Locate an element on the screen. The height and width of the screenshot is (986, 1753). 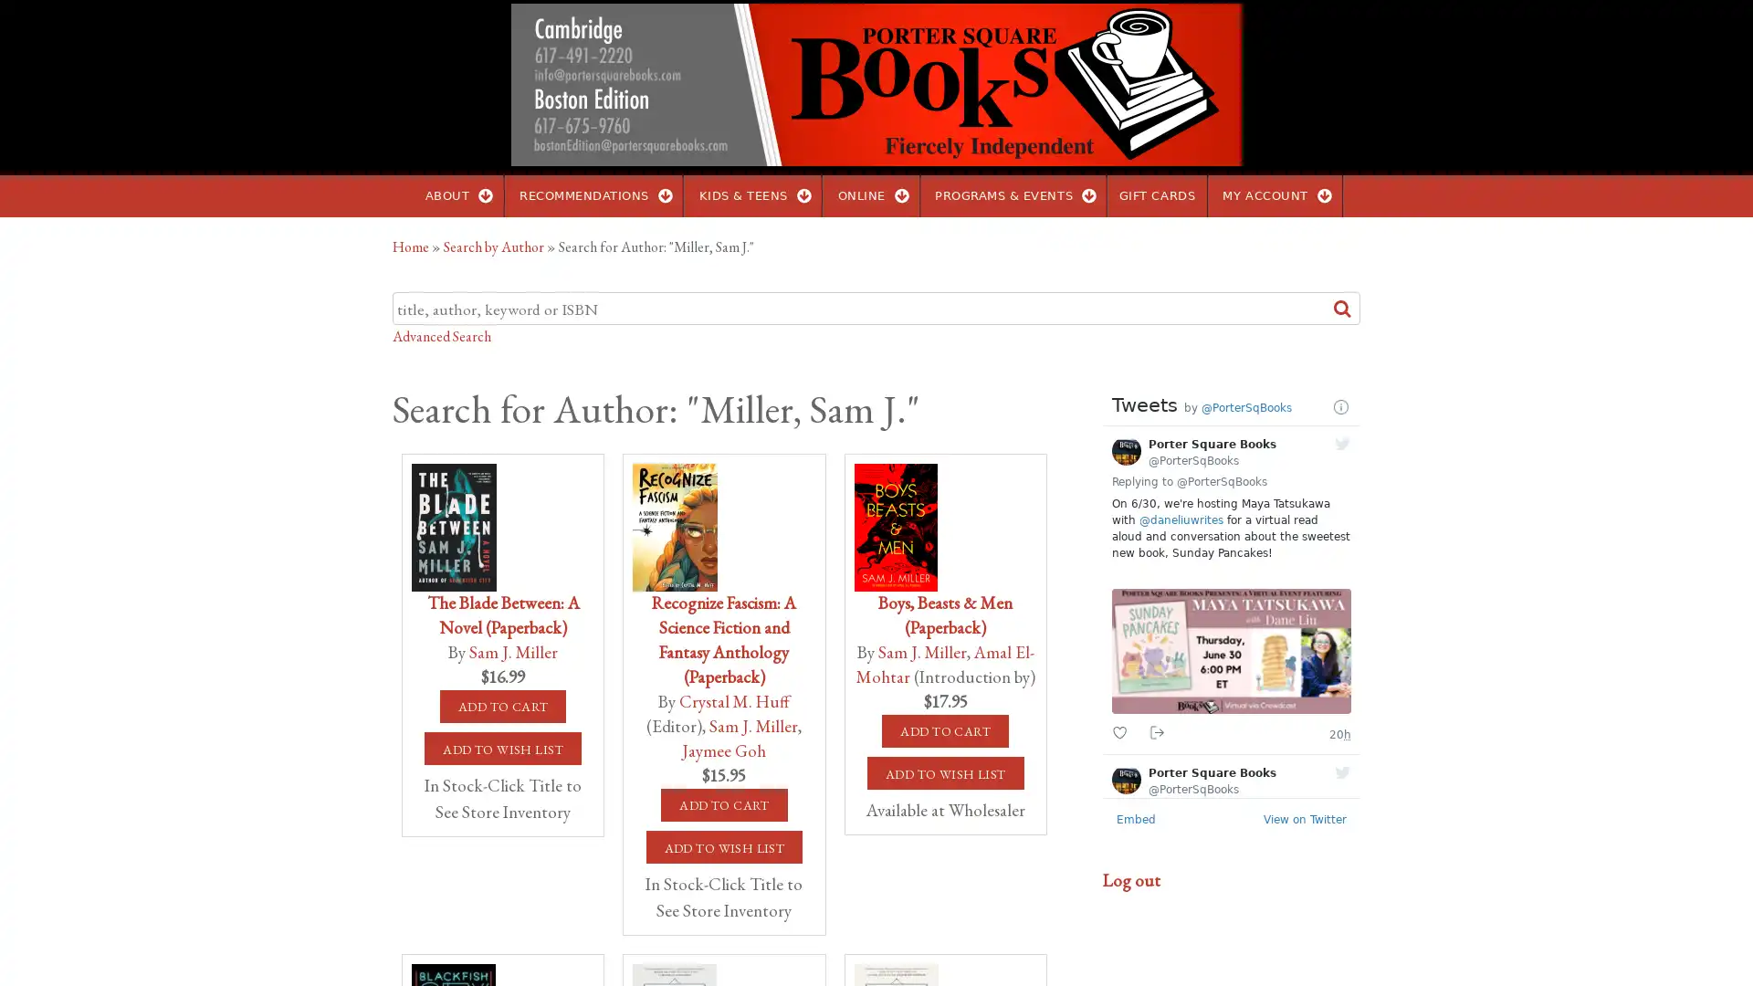
Add to Cart is located at coordinates (945, 730).